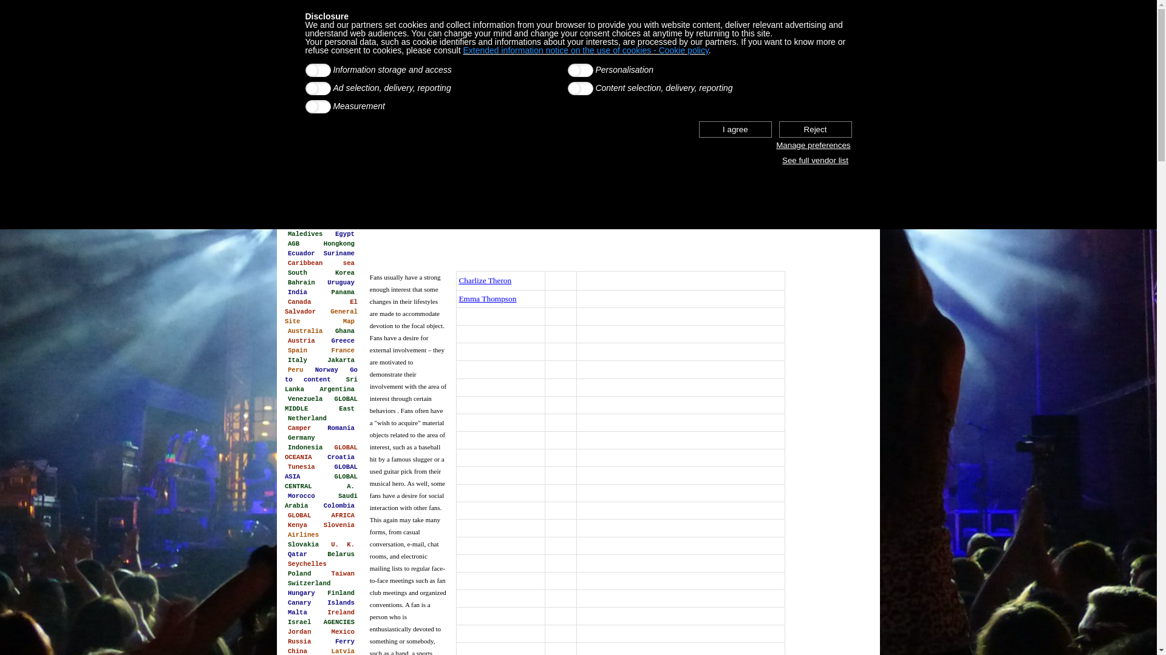 This screenshot has height=655, width=1166. I want to click on 'Camper', so click(299, 427).